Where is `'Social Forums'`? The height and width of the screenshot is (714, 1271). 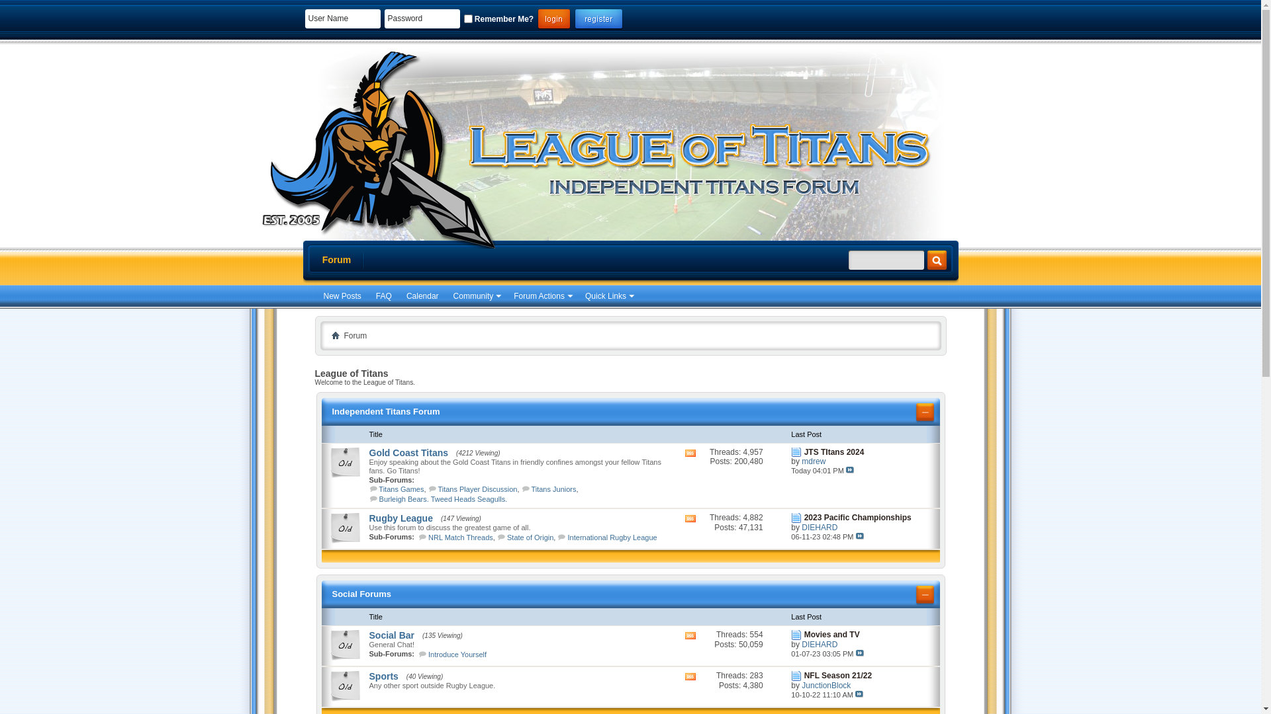
'Social Forums' is located at coordinates (362, 593).